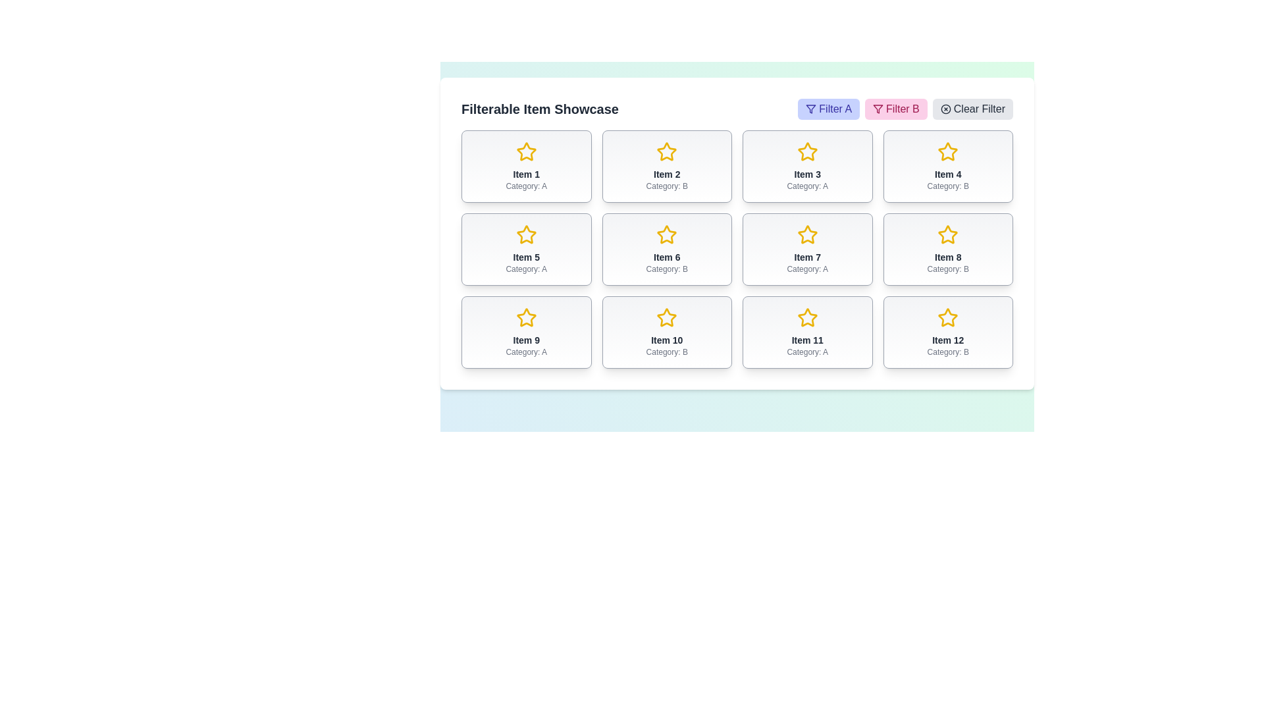  What do you see at coordinates (525, 317) in the screenshot?
I see `the bright yellow star icon representing the rating or favorite-mark system located in the center of the card for 'Item 9' in 'Category: A'` at bounding box center [525, 317].